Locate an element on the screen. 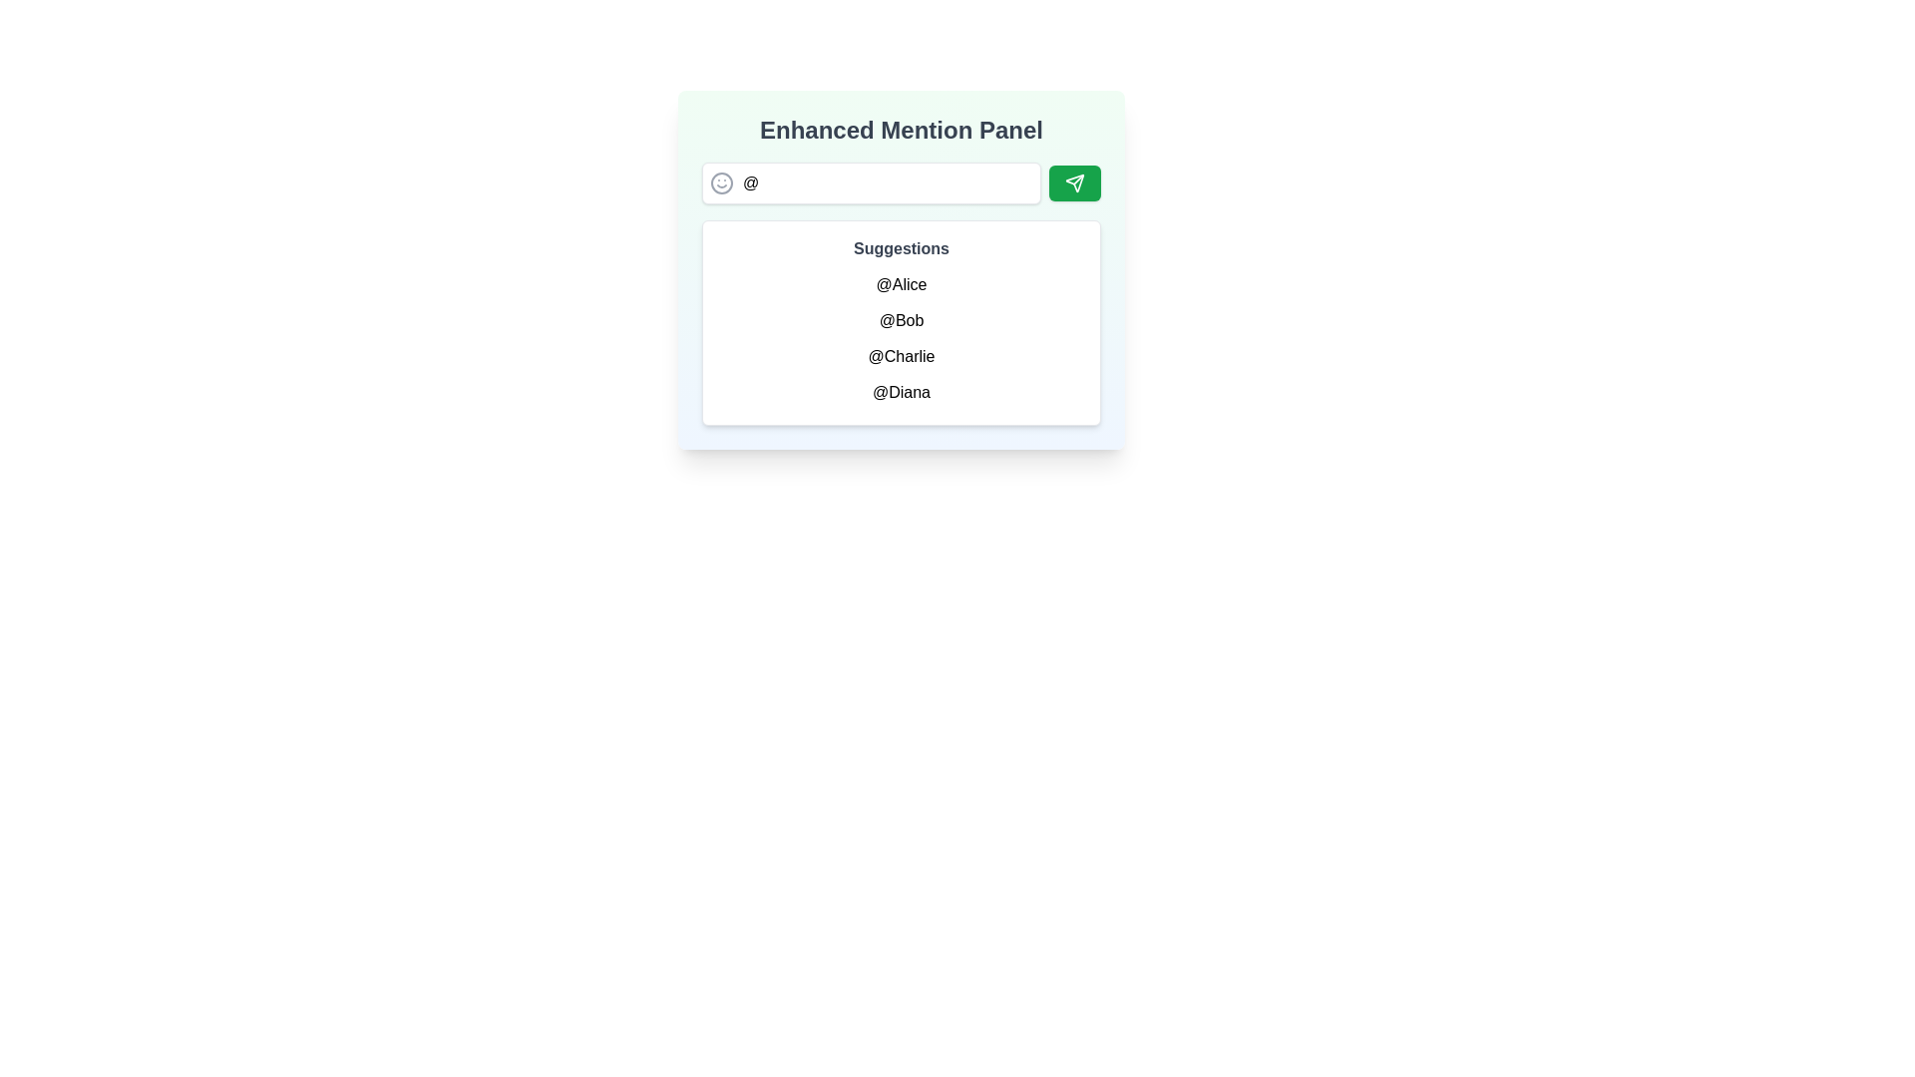 The height and width of the screenshot is (1077, 1915). the interactive list item '@Alice' is located at coordinates (900, 284).